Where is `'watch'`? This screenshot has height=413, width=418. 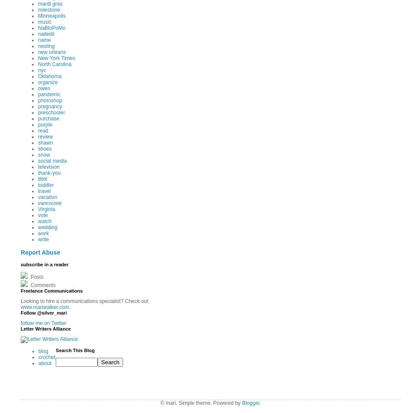
'watch' is located at coordinates (44, 221).